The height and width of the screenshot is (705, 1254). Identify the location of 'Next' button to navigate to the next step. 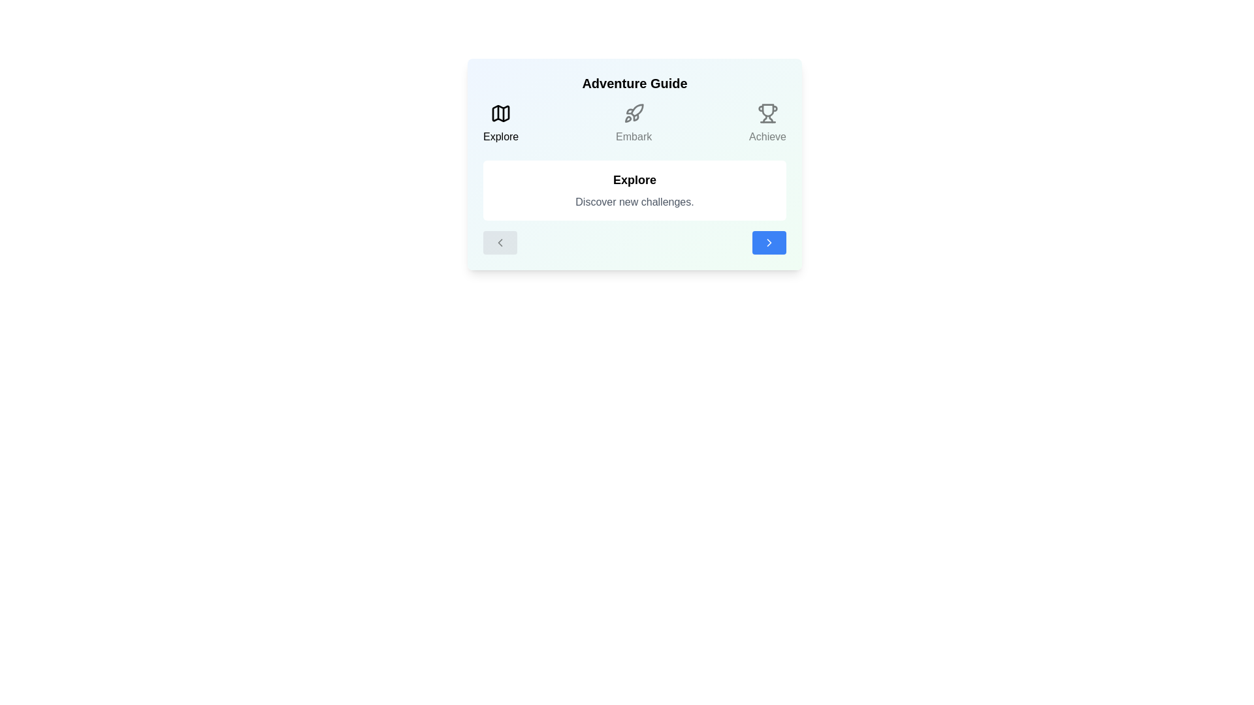
(769, 242).